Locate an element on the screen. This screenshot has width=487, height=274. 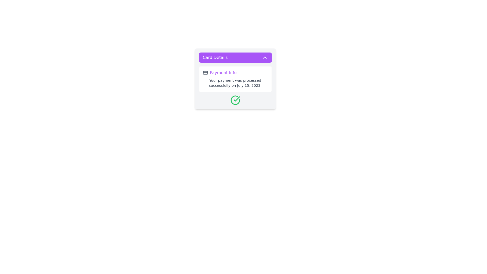
the text heading with icon that serves as a section title for payment information, positioned above the 'Your payment was processed successfully on July 15, 2023.' text is located at coordinates (235, 73).